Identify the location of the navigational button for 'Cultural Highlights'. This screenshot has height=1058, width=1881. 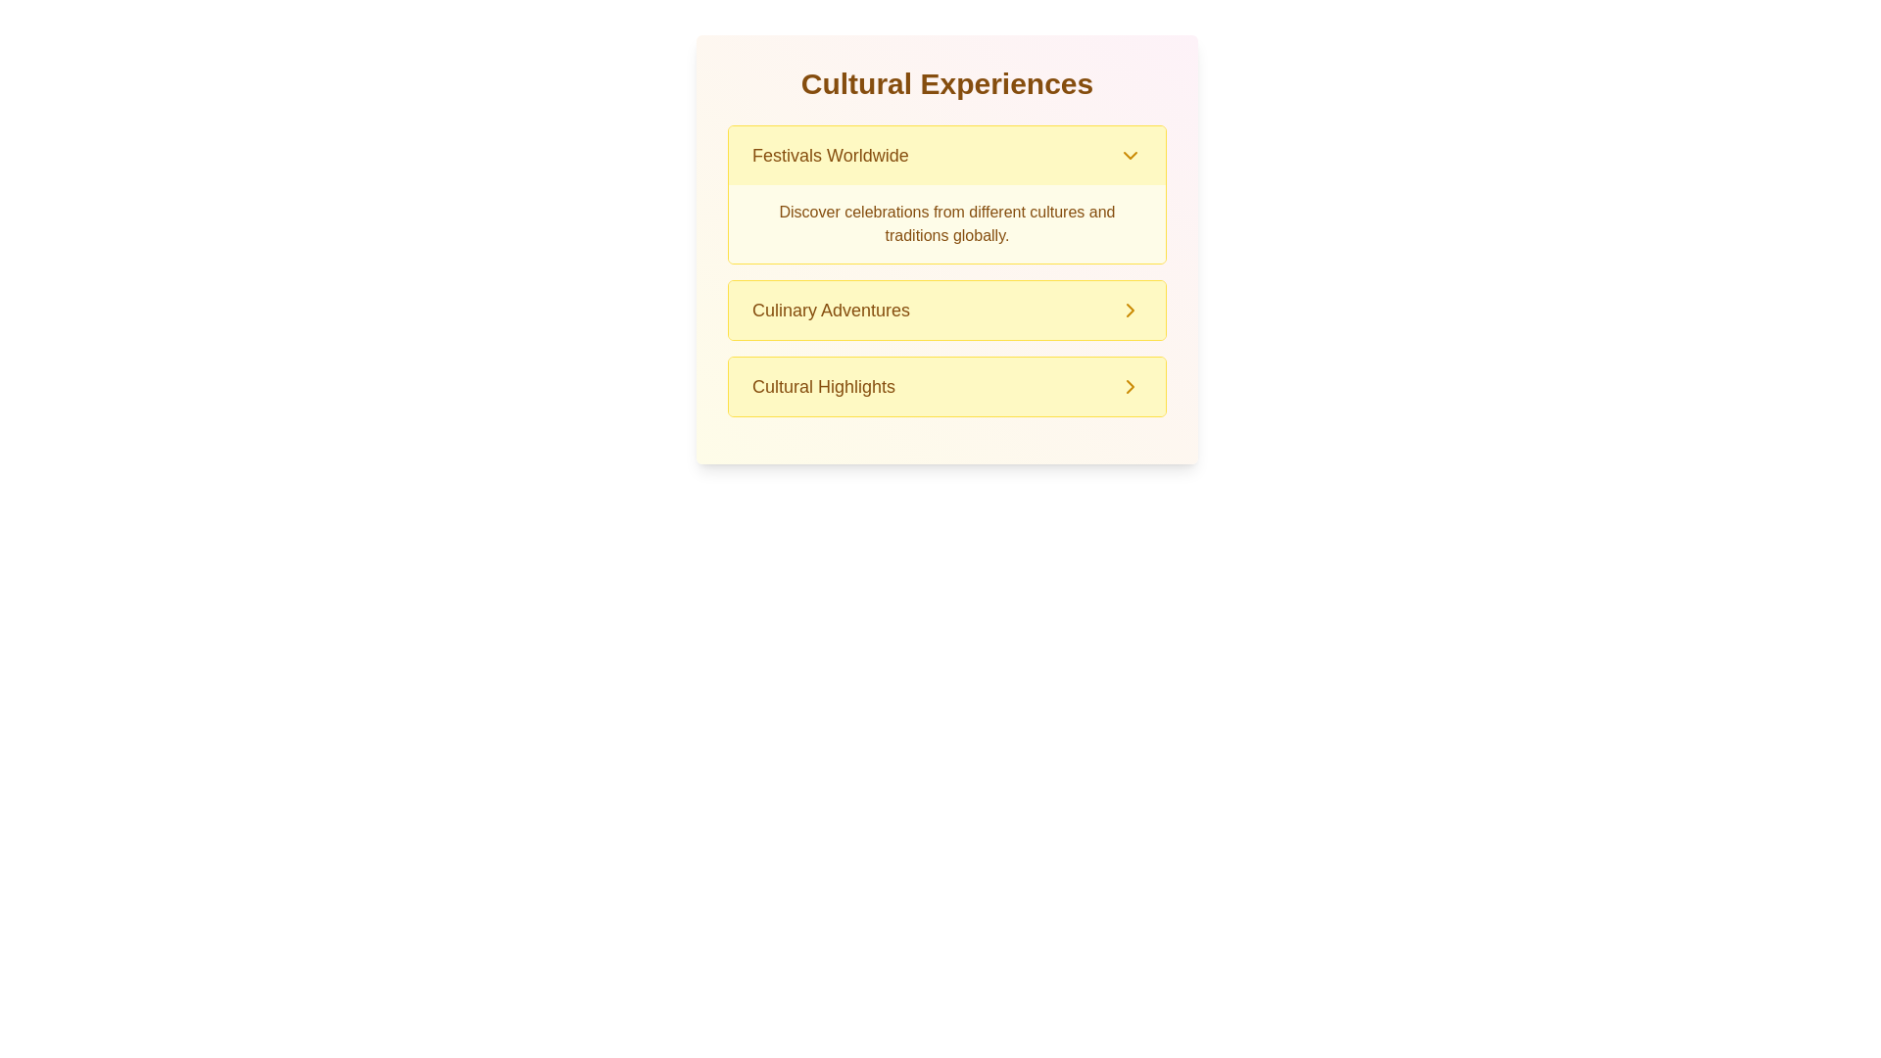
(946, 386).